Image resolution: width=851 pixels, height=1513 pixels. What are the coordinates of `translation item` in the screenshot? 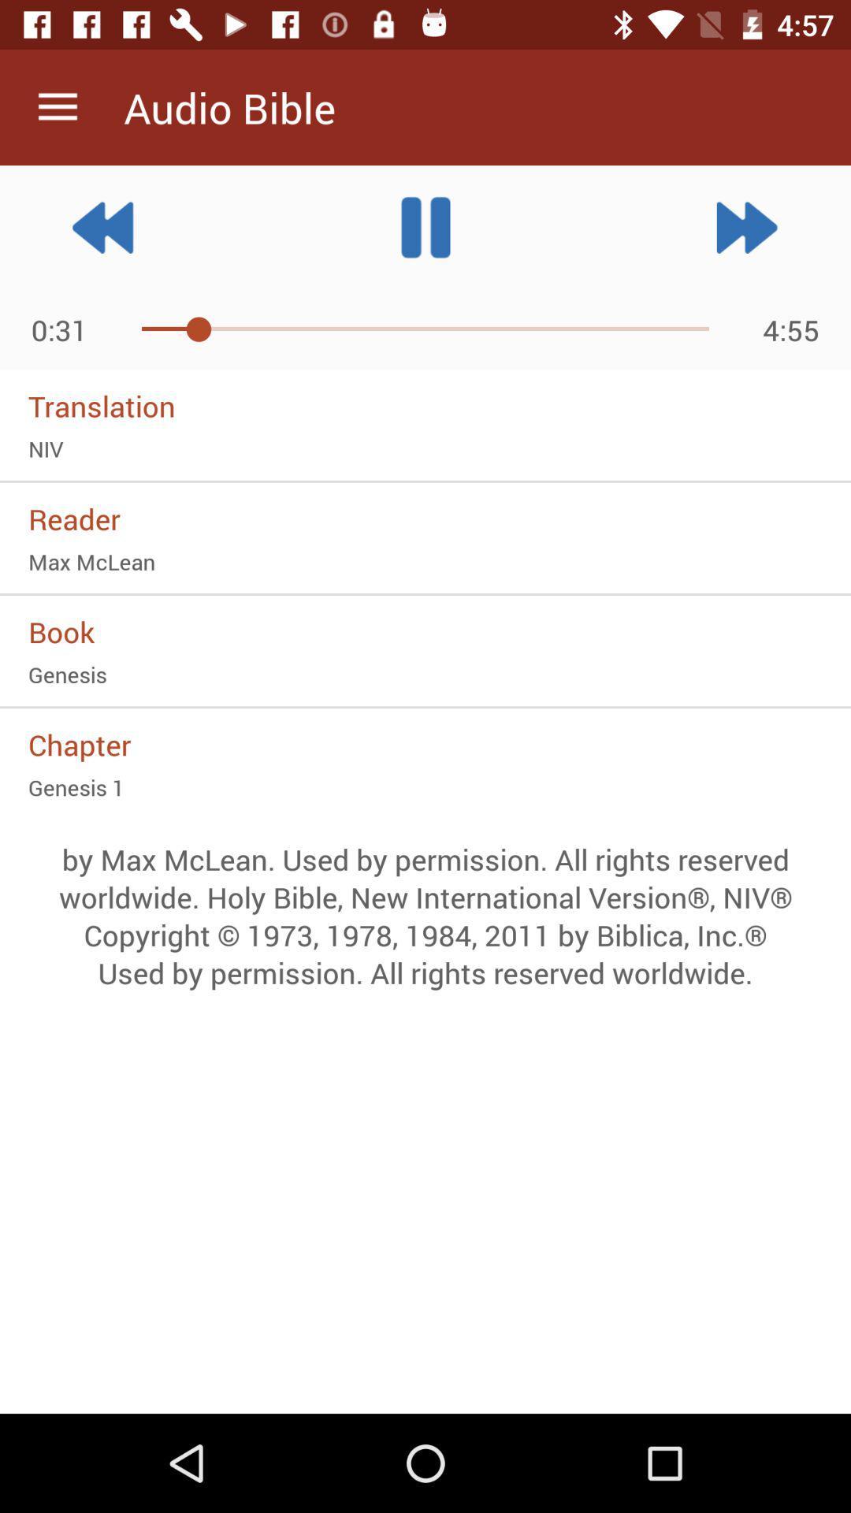 It's located at (425, 406).